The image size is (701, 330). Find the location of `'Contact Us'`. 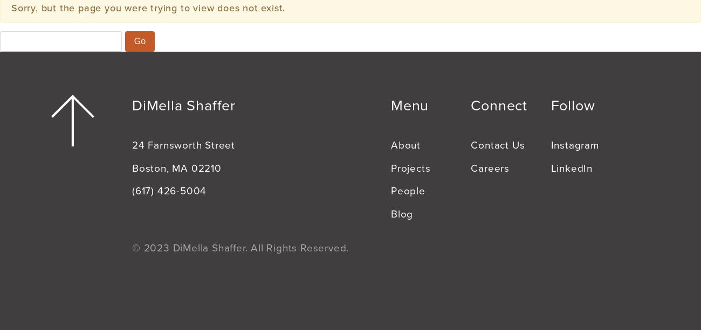

'Contact Us' is located at coordinates (498, 144).